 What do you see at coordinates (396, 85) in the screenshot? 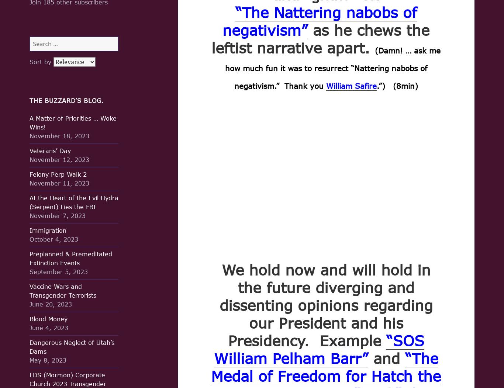
I see `'.”)   (8min)'` at bounding box center [396, 85].